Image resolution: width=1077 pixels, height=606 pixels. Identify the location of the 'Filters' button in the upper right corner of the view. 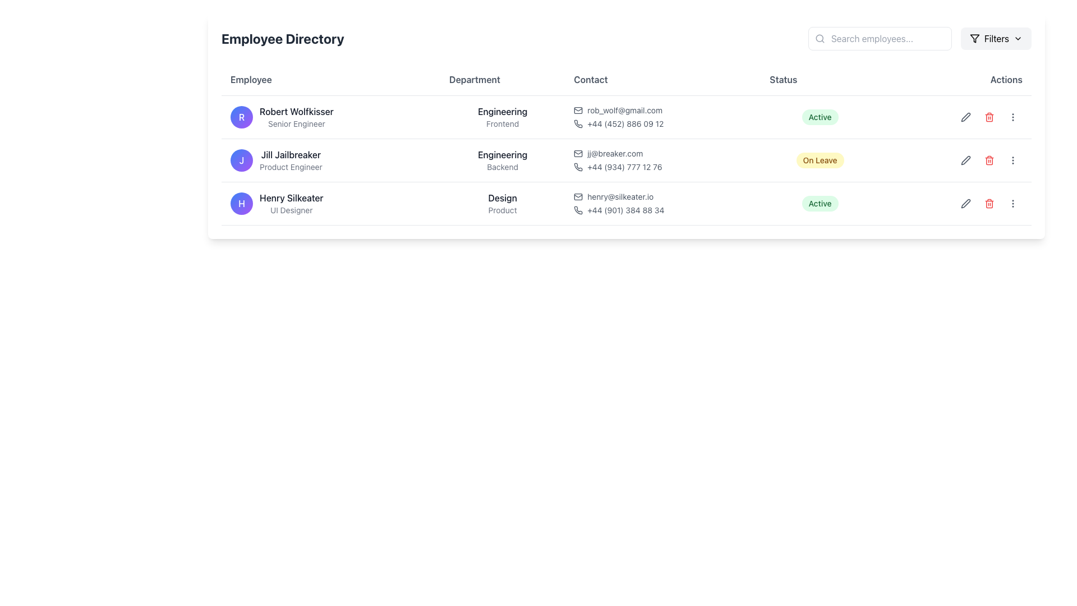
(996, 38).